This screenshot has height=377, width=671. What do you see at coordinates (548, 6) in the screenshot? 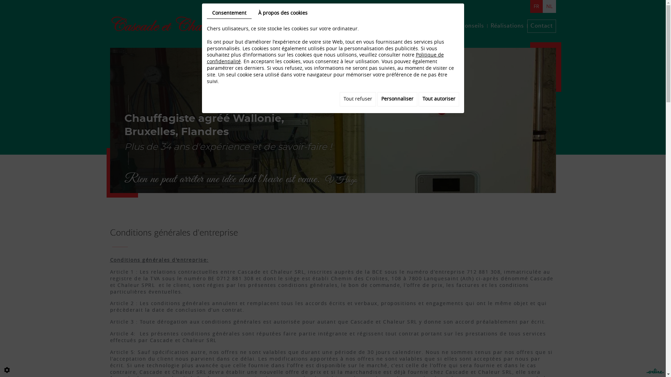
I see `'NL'` at bounding box center [548, 6].